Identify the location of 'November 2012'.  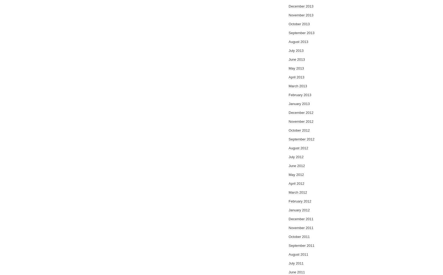
(301, 121).